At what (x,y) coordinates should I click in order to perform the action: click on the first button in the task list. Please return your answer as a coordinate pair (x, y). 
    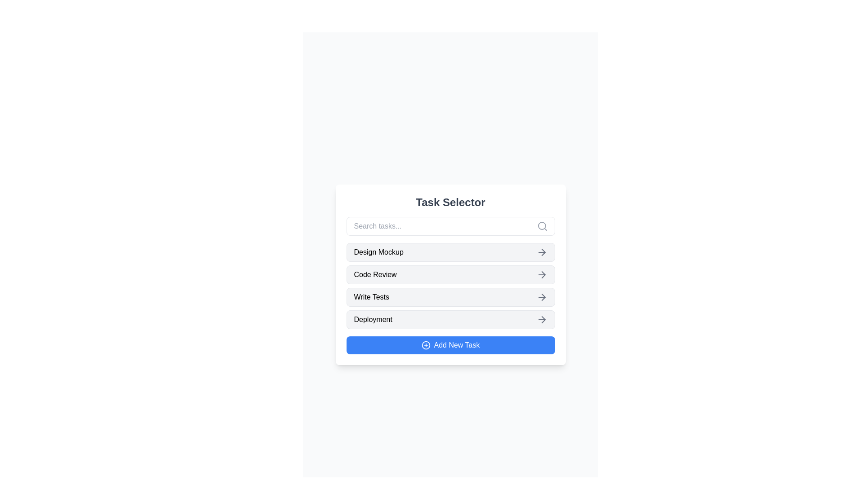
    Looking at the image, I should click on (450, 252).